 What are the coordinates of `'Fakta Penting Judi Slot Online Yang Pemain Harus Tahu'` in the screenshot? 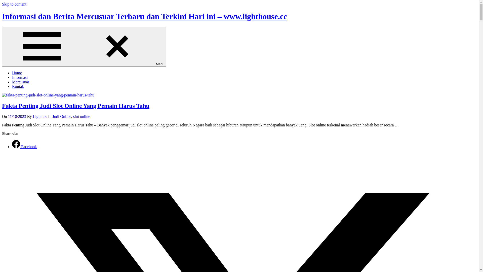 It's located at (75, 106).